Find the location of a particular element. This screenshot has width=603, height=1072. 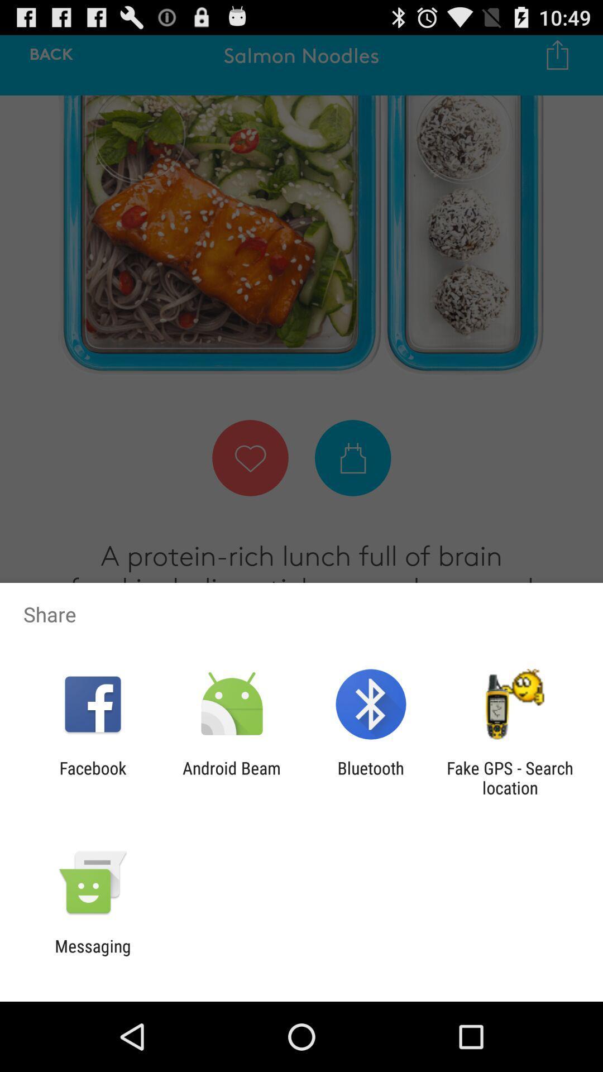

messaging app is located at coordinates (92, 955).